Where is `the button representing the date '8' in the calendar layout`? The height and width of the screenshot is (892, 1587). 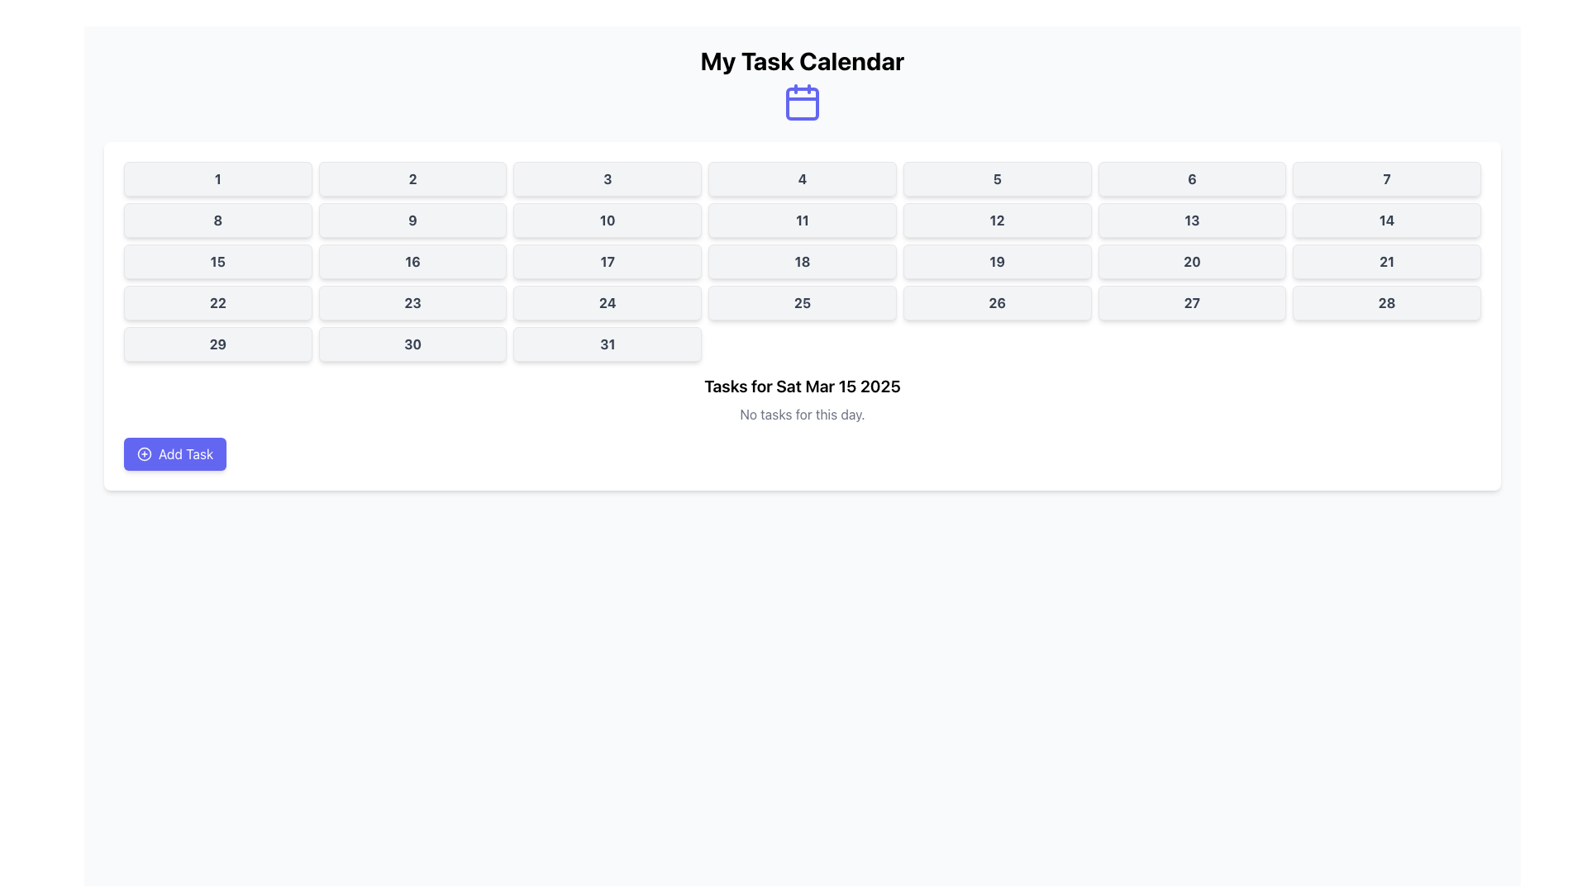
the button representing the date '8' in the calendar layout is located at coordinates (217, 219).